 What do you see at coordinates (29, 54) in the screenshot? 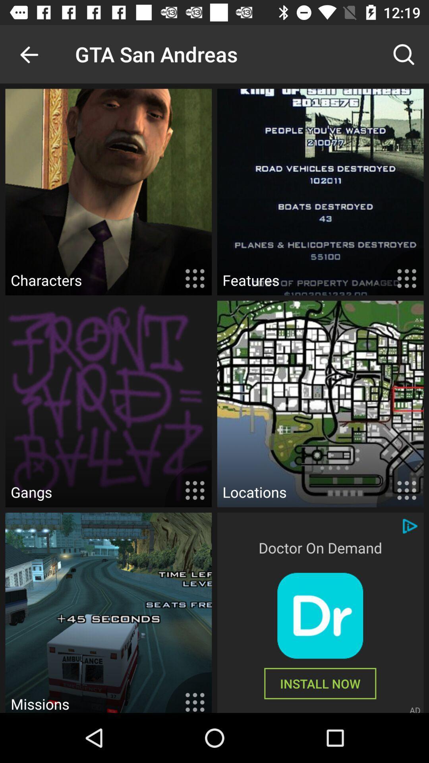
I see `go back` at bounding box center [29, 54].